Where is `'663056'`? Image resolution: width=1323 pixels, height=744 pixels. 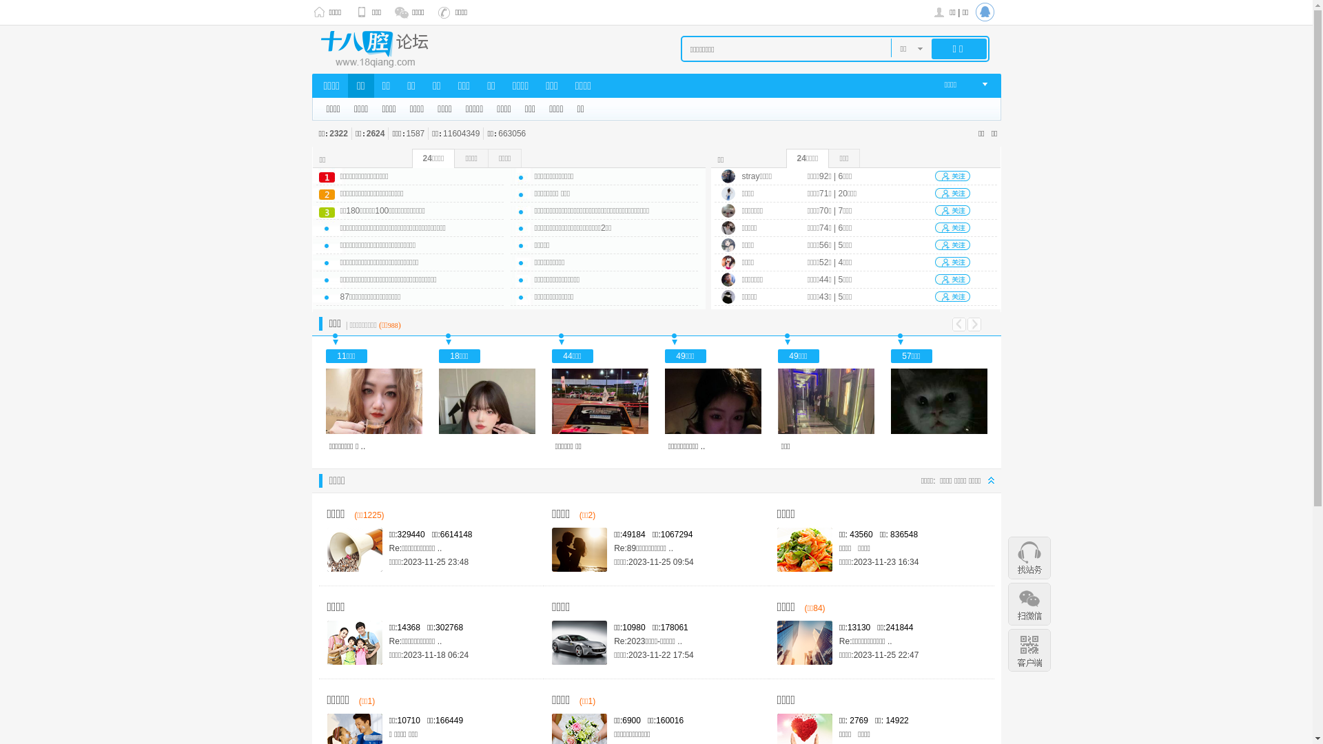
'663056' is located at coordinates (511, 133).